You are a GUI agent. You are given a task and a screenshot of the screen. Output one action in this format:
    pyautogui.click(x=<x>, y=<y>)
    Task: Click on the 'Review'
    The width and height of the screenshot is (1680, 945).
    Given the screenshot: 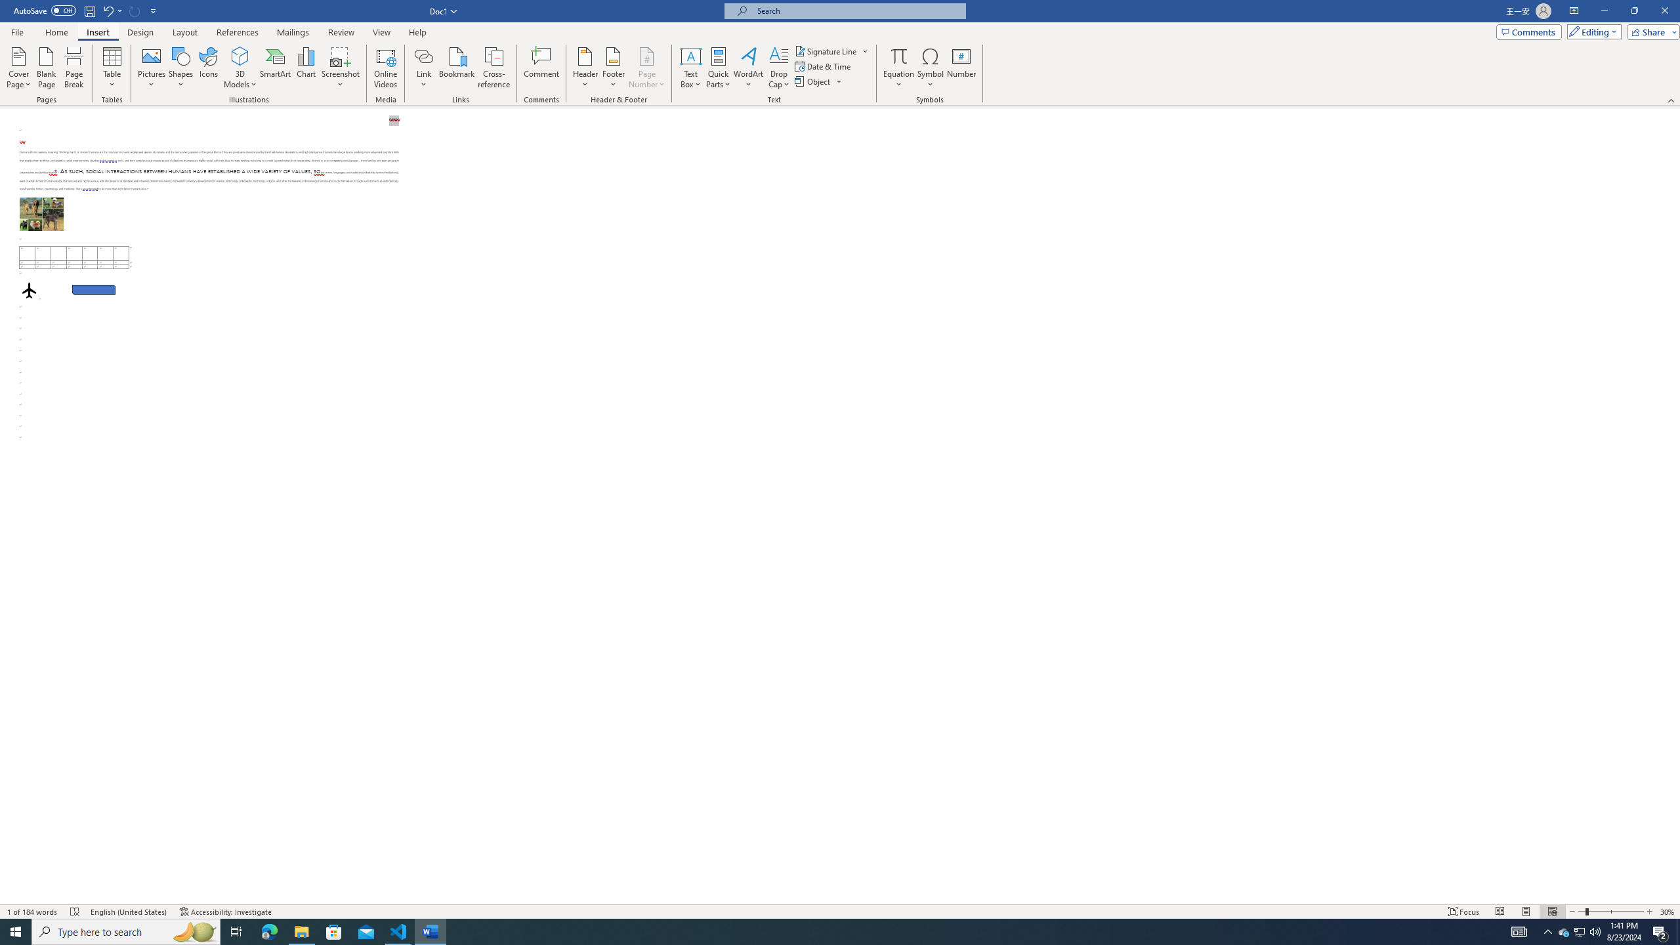 What is the action you would take?
    pyautogui.click(x=340, y=32)
    